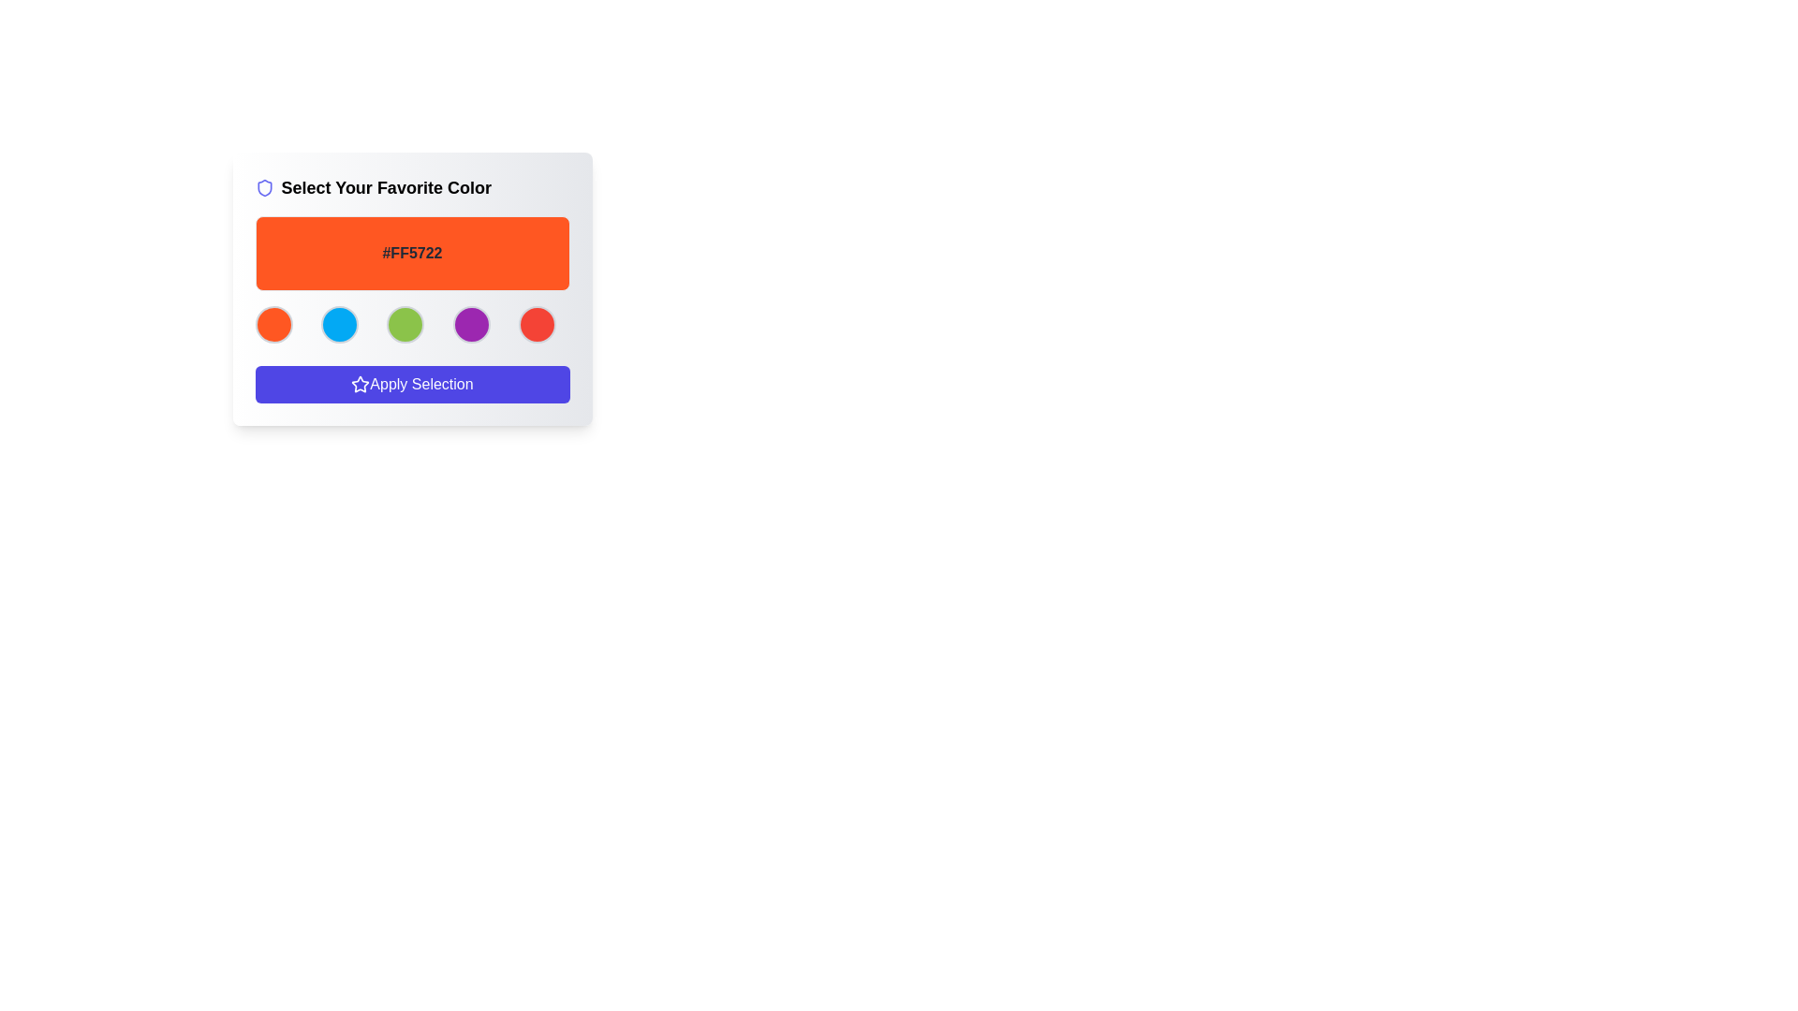  What do you see at coordinates (361, 383) in the screenshot?
I see `the star-shaped icon filled with a blue gradient and a white outline` at bounding box center [361, 383].